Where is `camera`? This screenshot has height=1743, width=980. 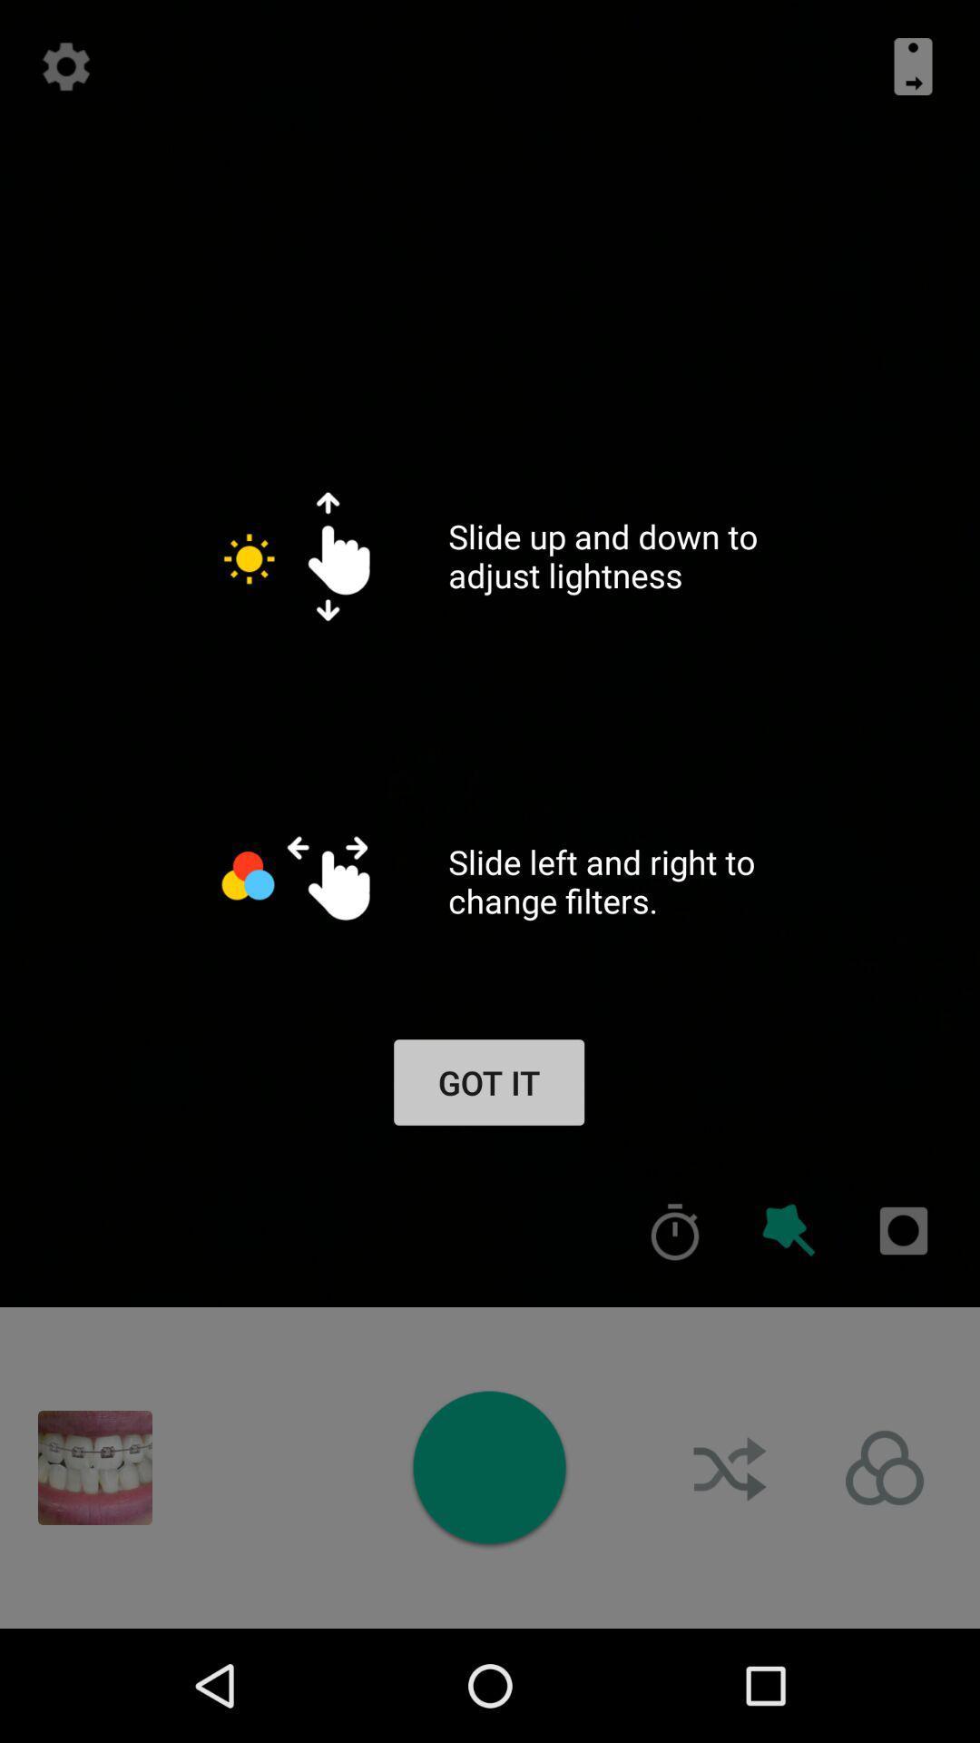
camera is located at coordinates (488, 1467).